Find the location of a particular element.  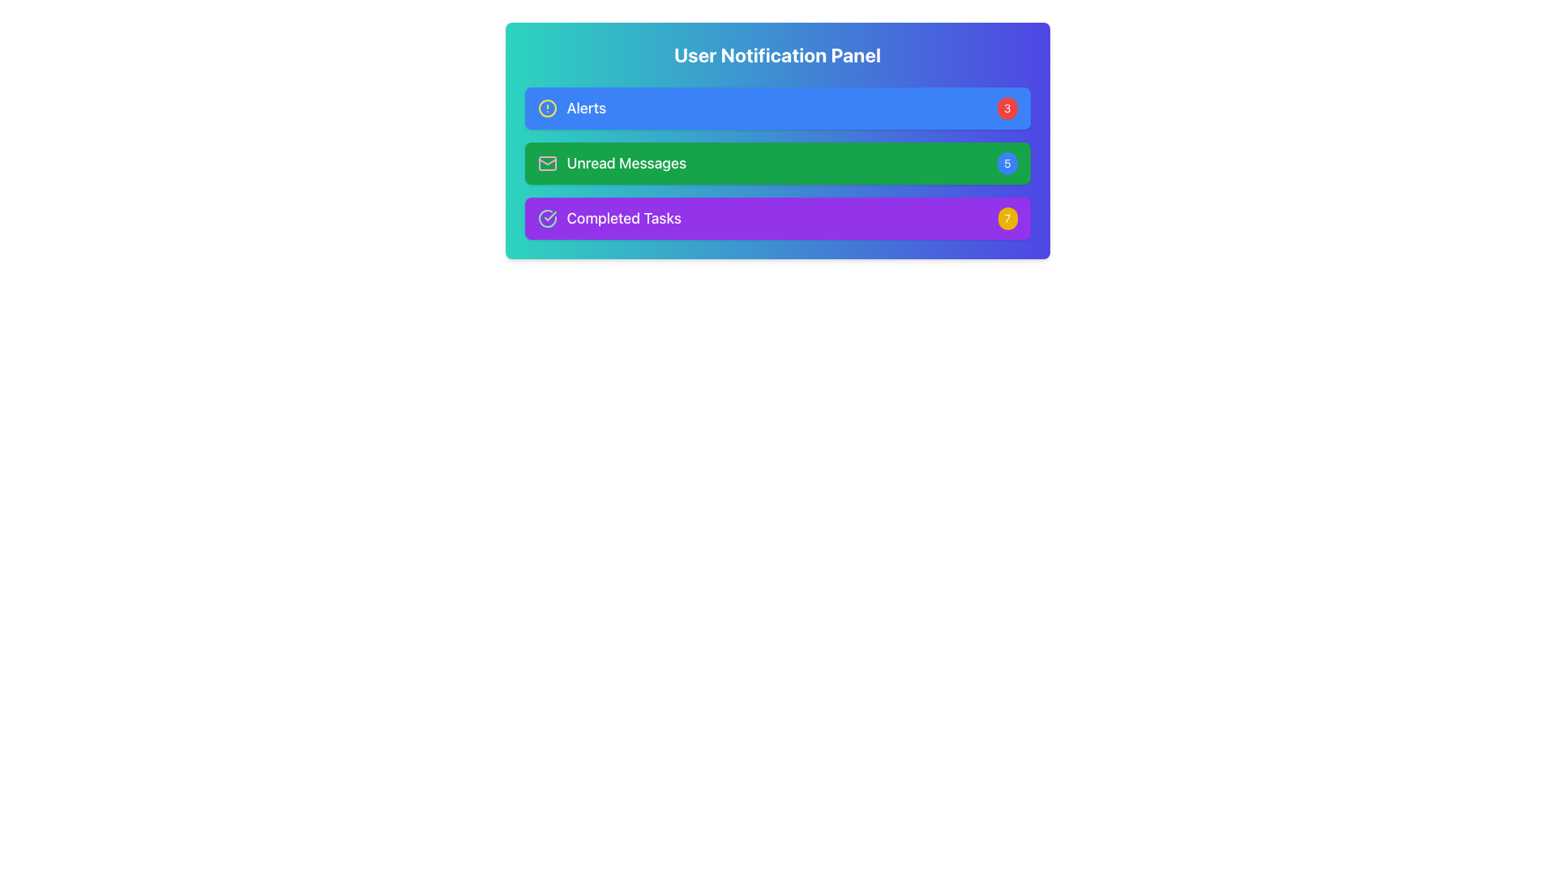

the alert icon located to the left of the 'Alerts' text in the blue section of the User Notification Panel is located at coordinates (547, 109).